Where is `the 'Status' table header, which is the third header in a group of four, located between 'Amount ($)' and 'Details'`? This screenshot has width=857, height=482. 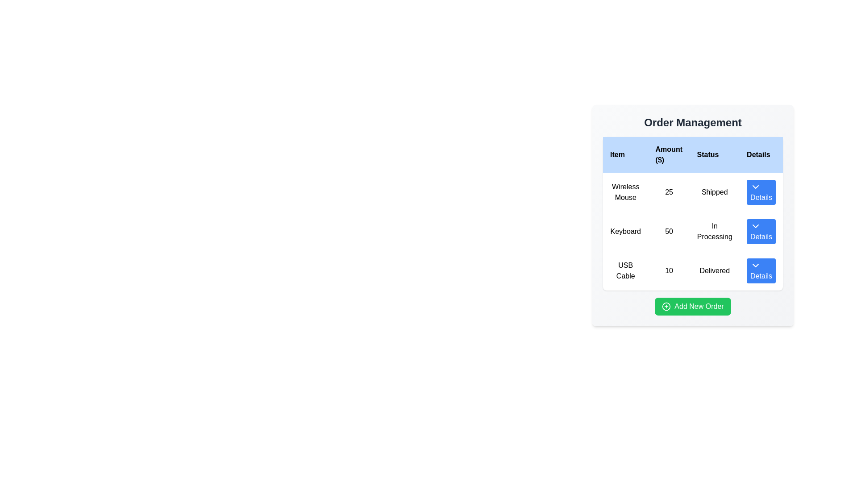 the 'Status' table header, which is the third header in a group of four, located between 'Amount ($)' and 'Details' is located at coordinates (715, 154).